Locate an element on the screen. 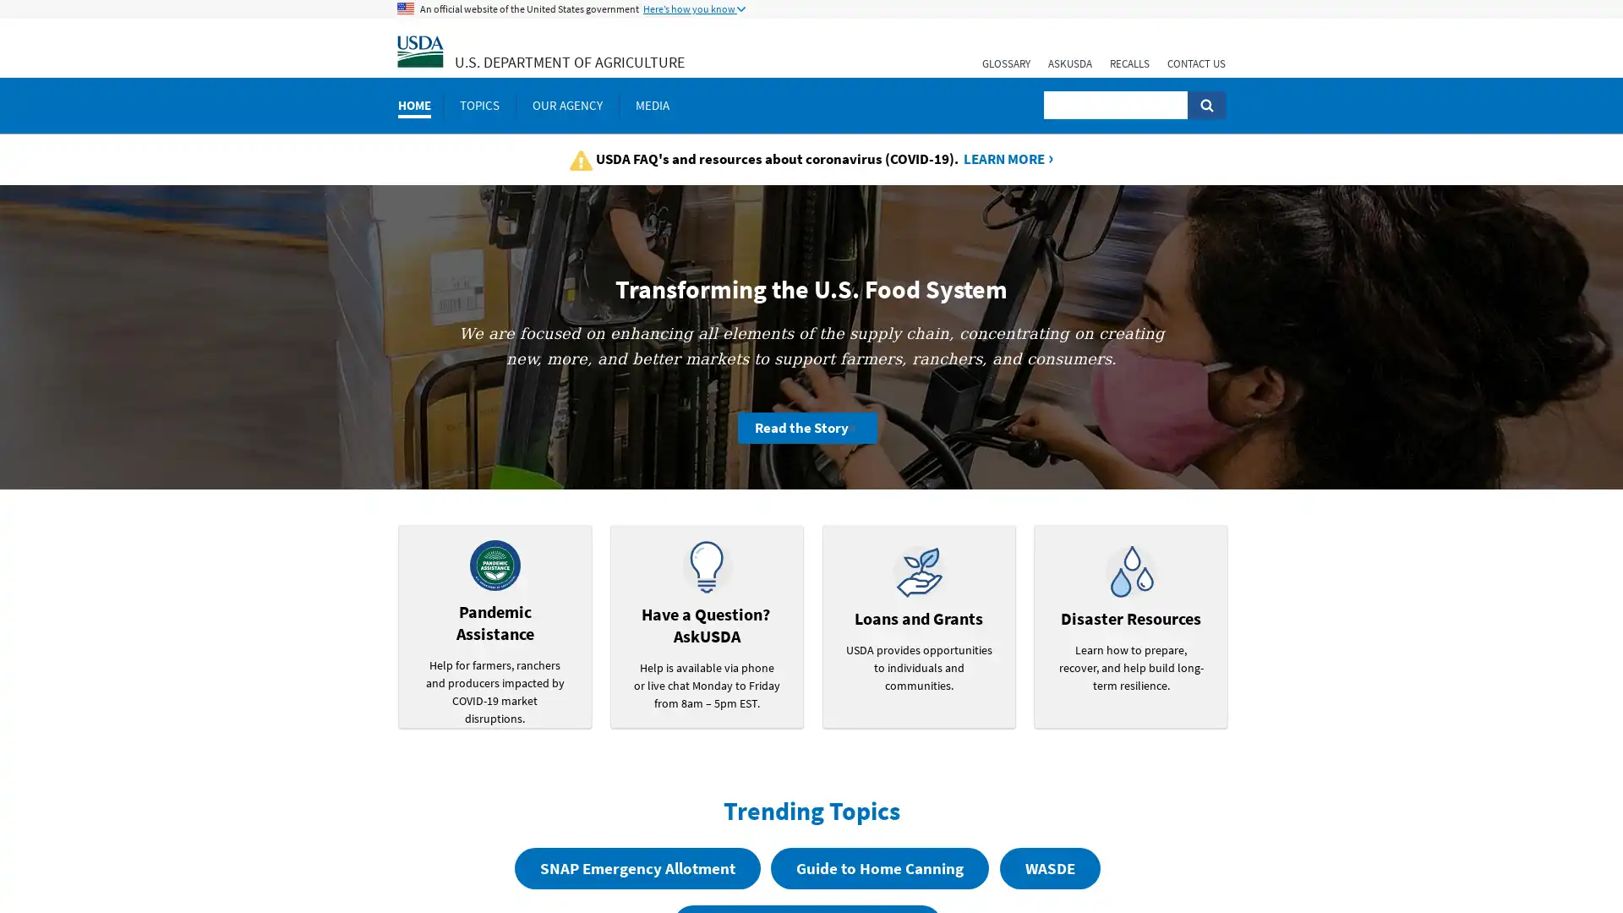 The height and width of the screenshot is (913, 1623). Search is located at coordinates (1205, 105).